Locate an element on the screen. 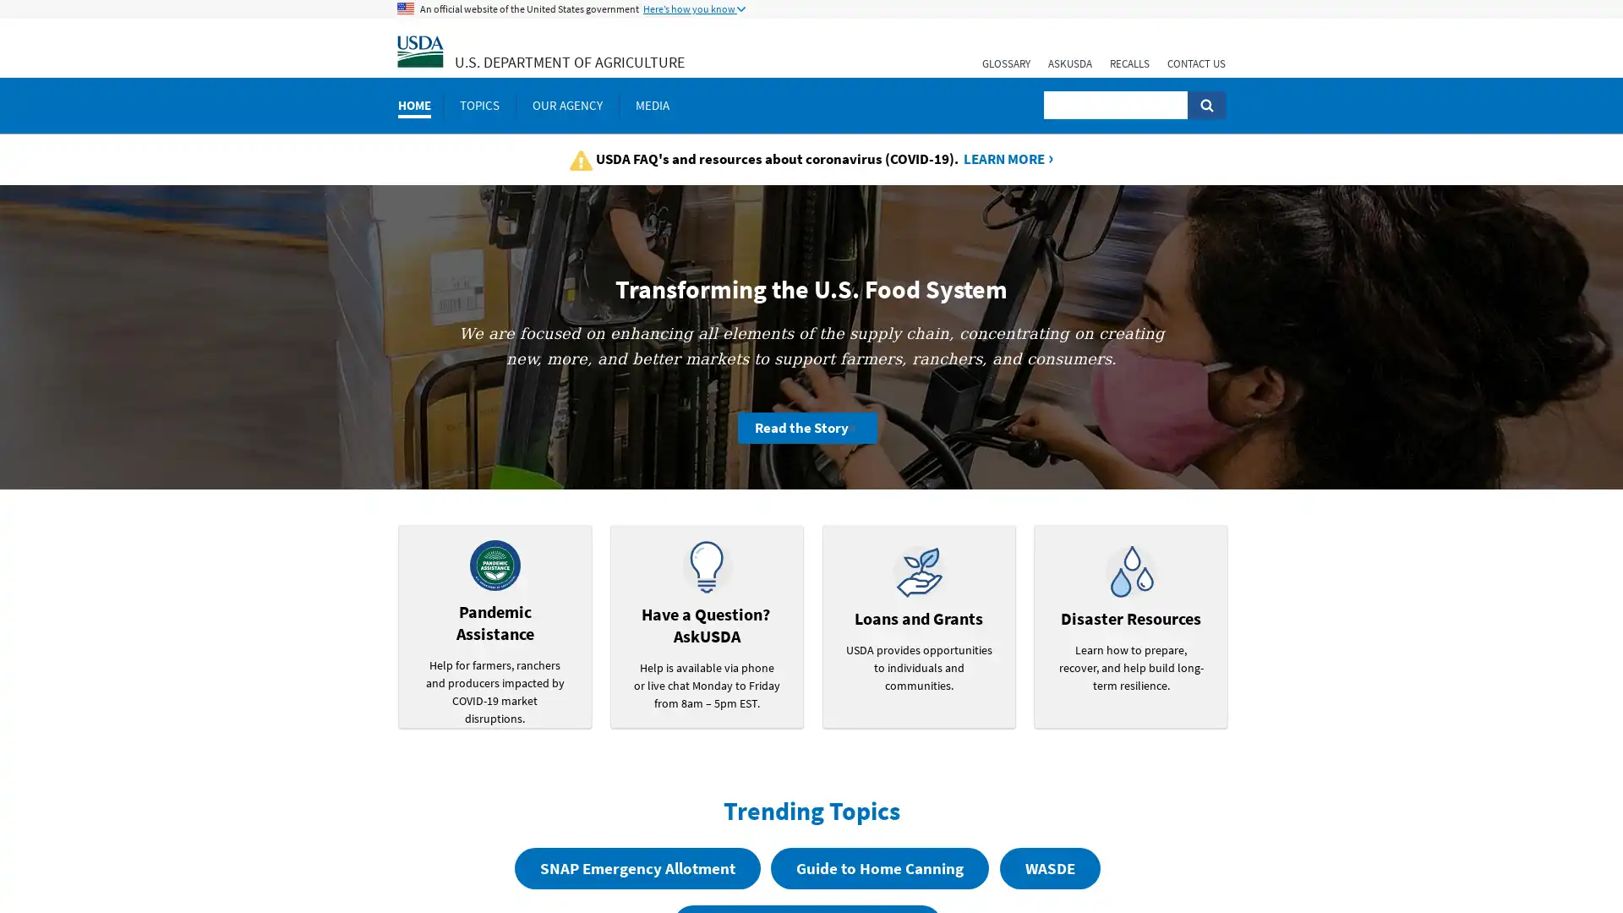 The height and width of the screenshot is (913, 1623). Search is located at coordinates (1205, 105).